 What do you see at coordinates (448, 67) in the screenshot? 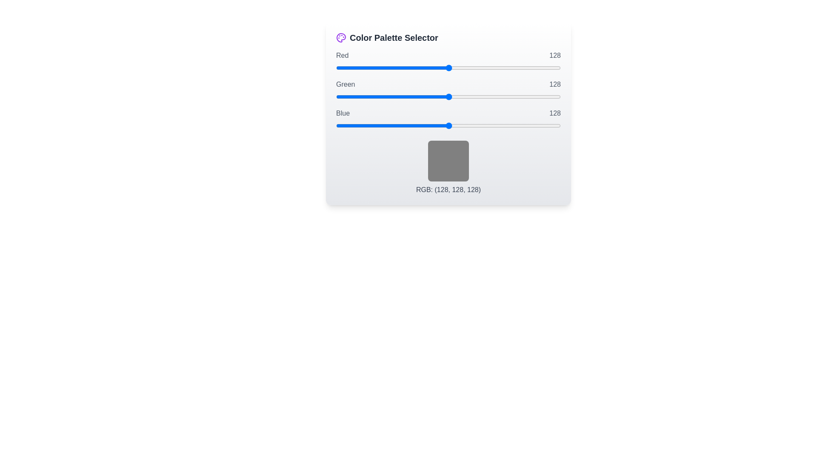
I see `the 0 slider to 215 to observe the color preview box update` at bounding box center [448, 67].